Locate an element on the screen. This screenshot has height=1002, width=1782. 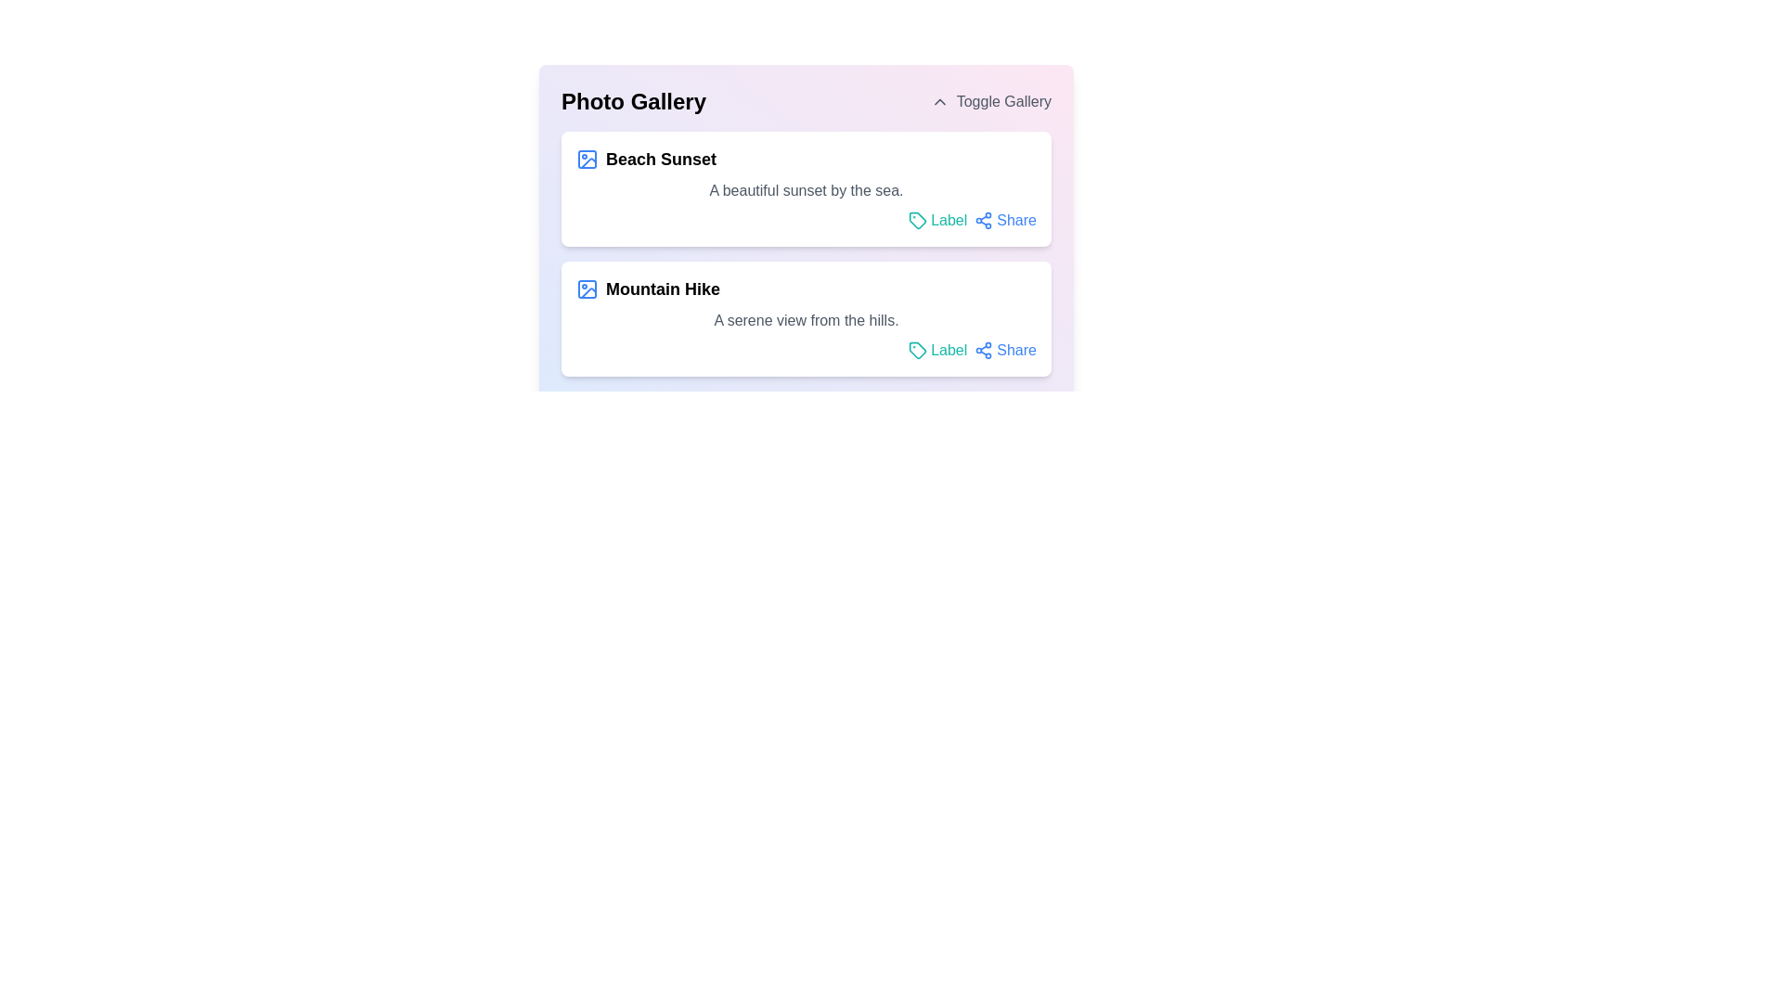
the icon representing the labeling functionality located to the left of the text 'Label' in the top box titled 'Beach Sunset' is located at coordinates (918, 220).